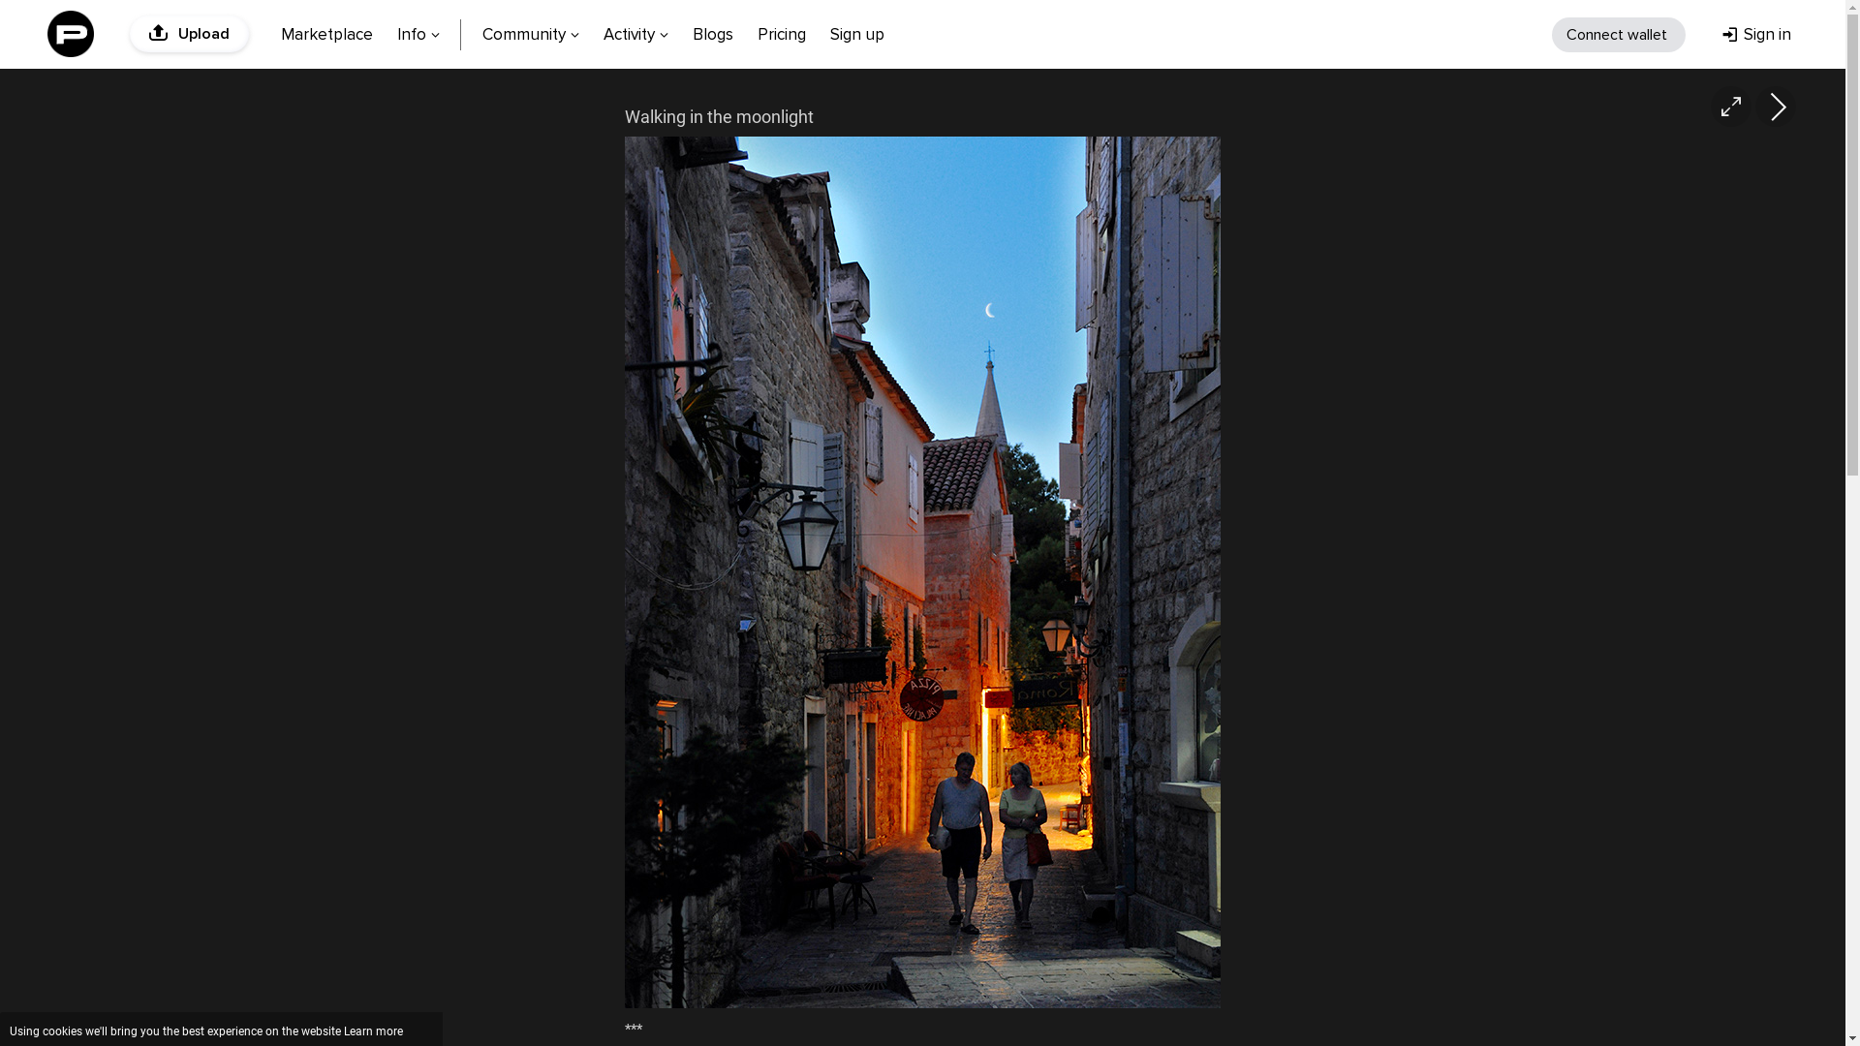 The width and height of the screenshot is (1860, 1046). What do you see at coordinates (819, 32) in the screenshot?
I see `'Sign up'` at bounding box center [819, 32].